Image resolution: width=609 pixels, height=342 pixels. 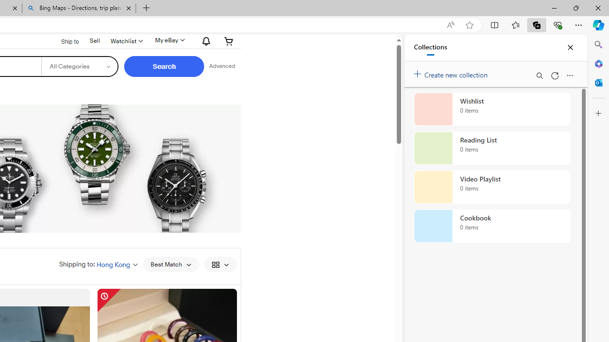 What do you see at coordinates (219, 264) in the screenshot?
I see `'View: Gallery View'` at bounding box center [219, 264].